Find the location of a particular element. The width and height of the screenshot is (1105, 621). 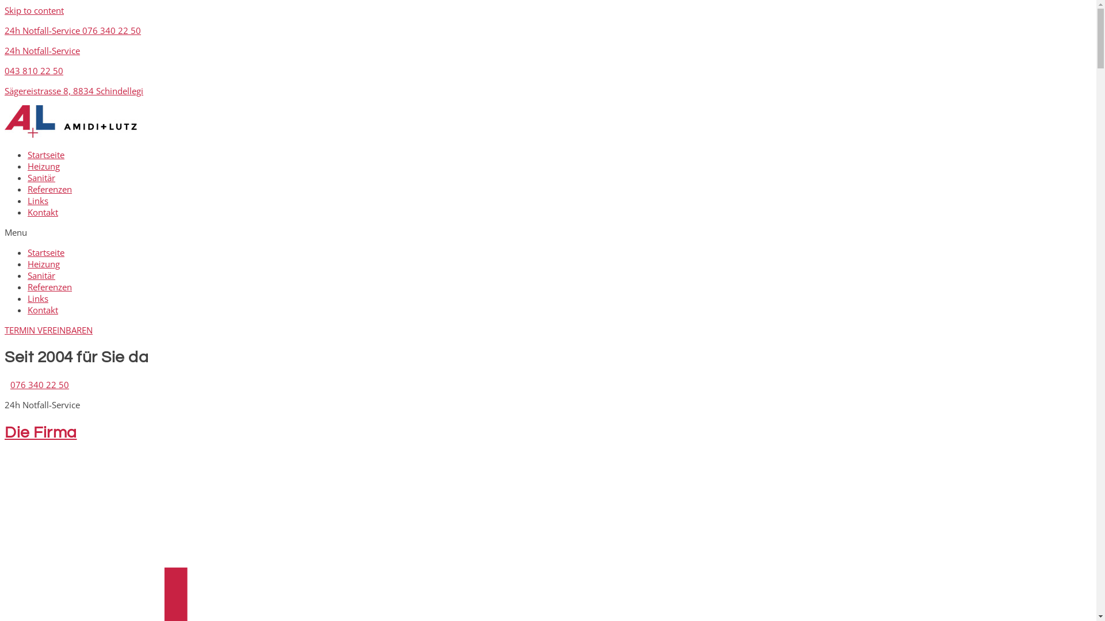

'Heizung' is located at coordinates (44, 264).